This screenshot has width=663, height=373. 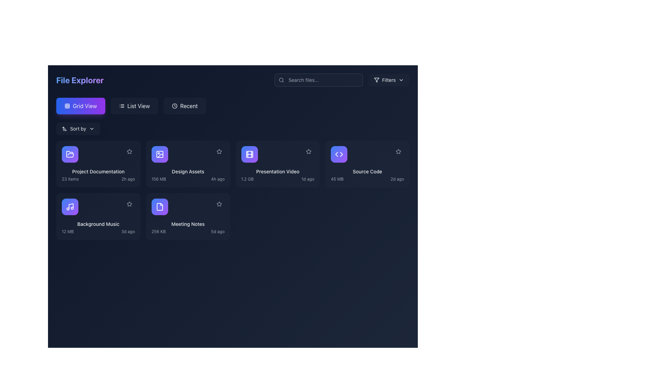 I want to click on the open folder icon with a modern design, located inside a circular button in the grid layout, positioned directly below the 'Sort by' dropdown menu, so click(x=70, y=154).